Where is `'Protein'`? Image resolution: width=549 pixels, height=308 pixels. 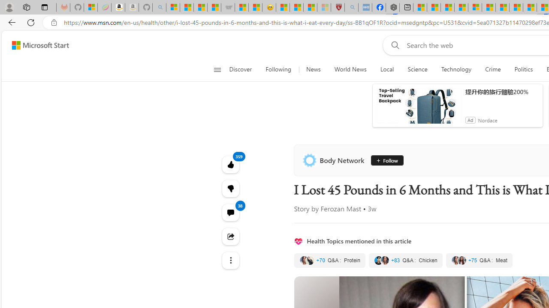 'Protein' is located at coordinates (329, 260).